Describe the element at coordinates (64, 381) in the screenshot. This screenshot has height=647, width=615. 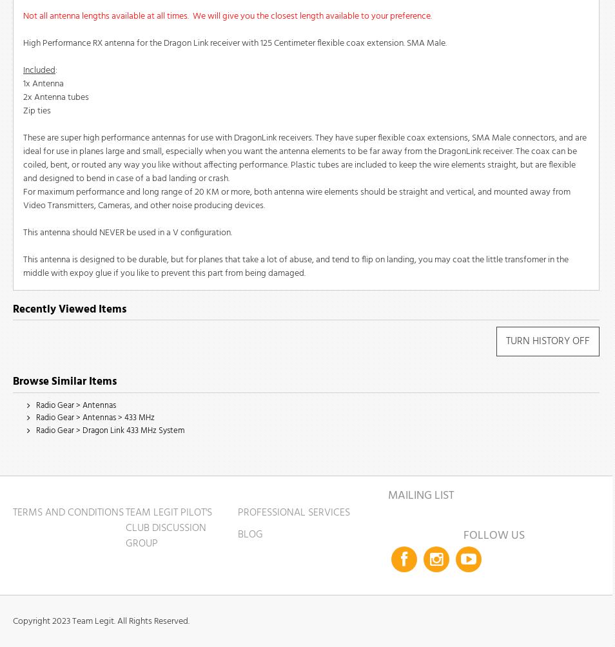
I see `'Browse Similar Items'` at that location.